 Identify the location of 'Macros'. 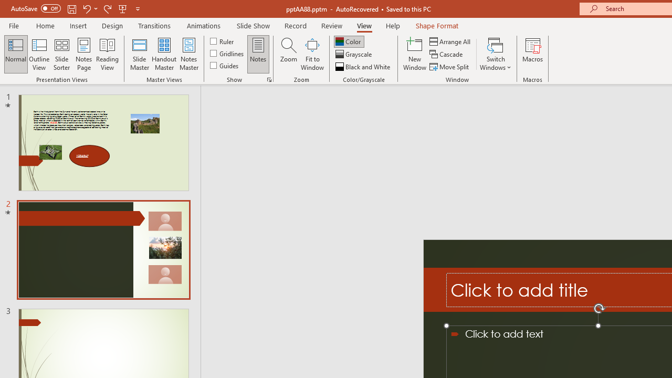
(533, 54).